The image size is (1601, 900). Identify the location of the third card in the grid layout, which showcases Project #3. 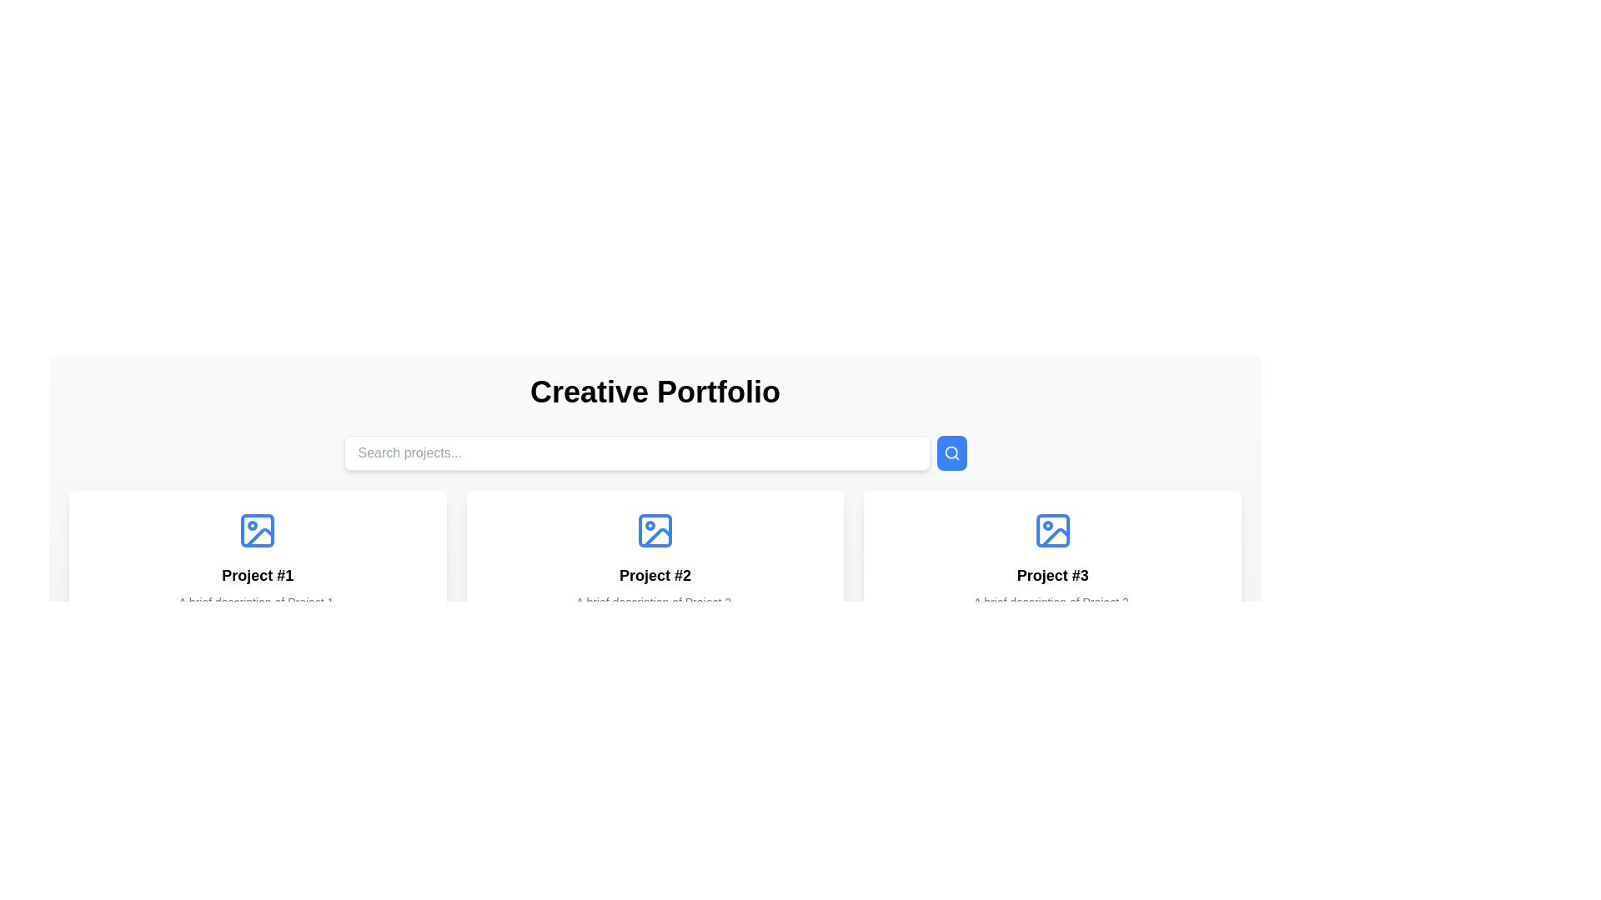
(1051, 581).